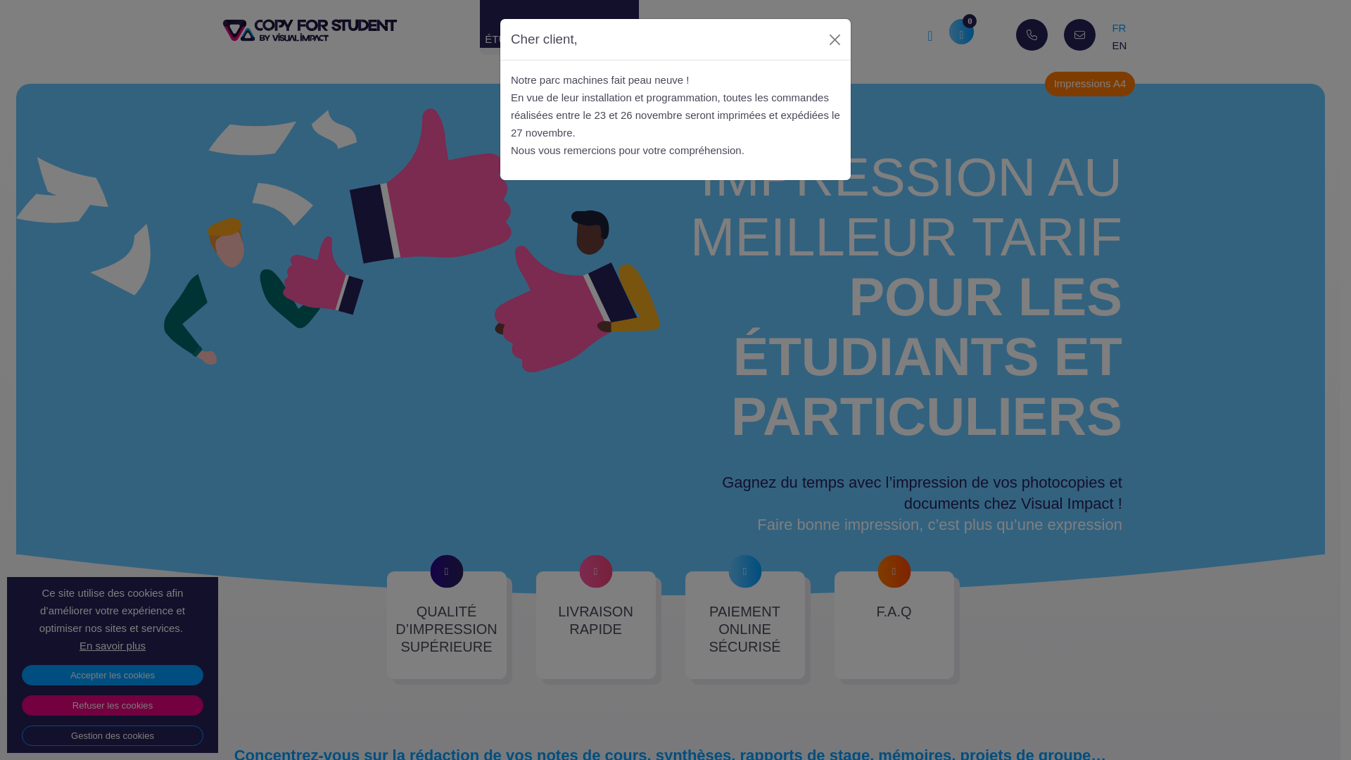 This screenshot has width=1351, height=760. Describe the element at coordinates (111, 674) in the screenshot. I see `'Accepter les cookies'` at that location.